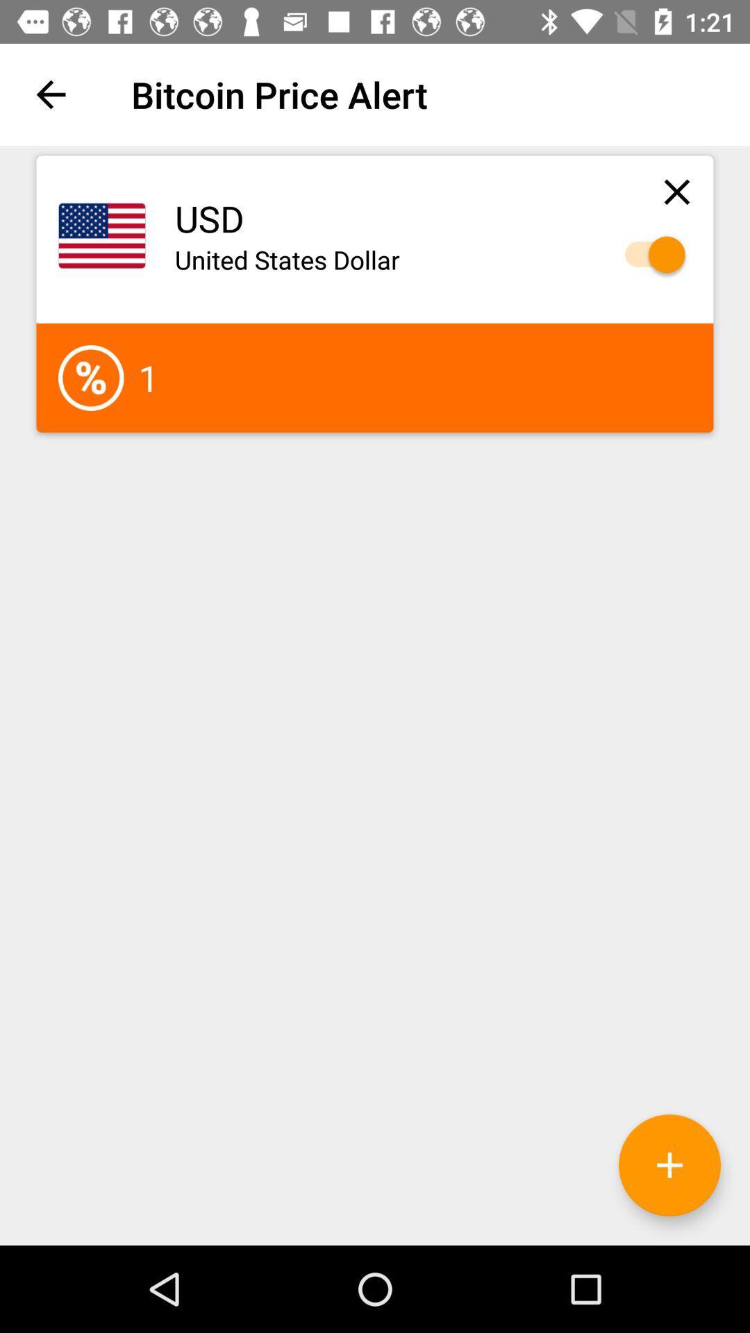 Image resolution: width=750 pixels, height=1333 pixels. Describe the element at coordinates (676, 191) in the screenshot. I see `window` at that location.